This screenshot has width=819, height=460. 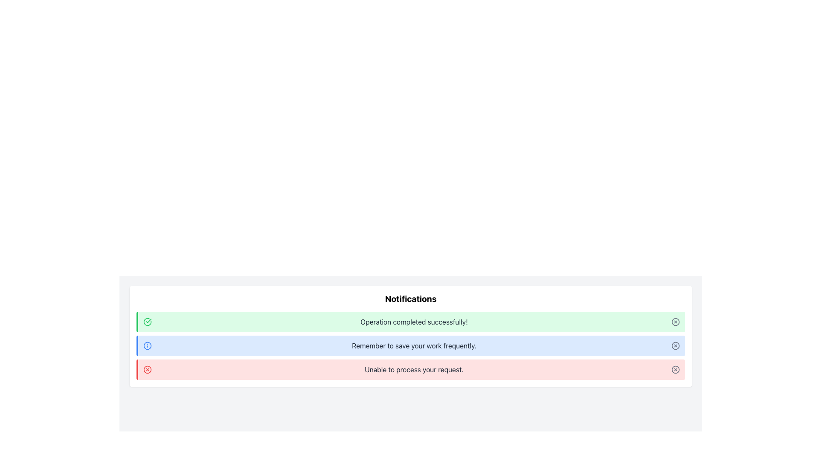 I want to click on the text label that reads 'Unable to process your request.' which is styled in gray and located within a red notification bar at the bottom of the notification list, so click(x=414, y=369).